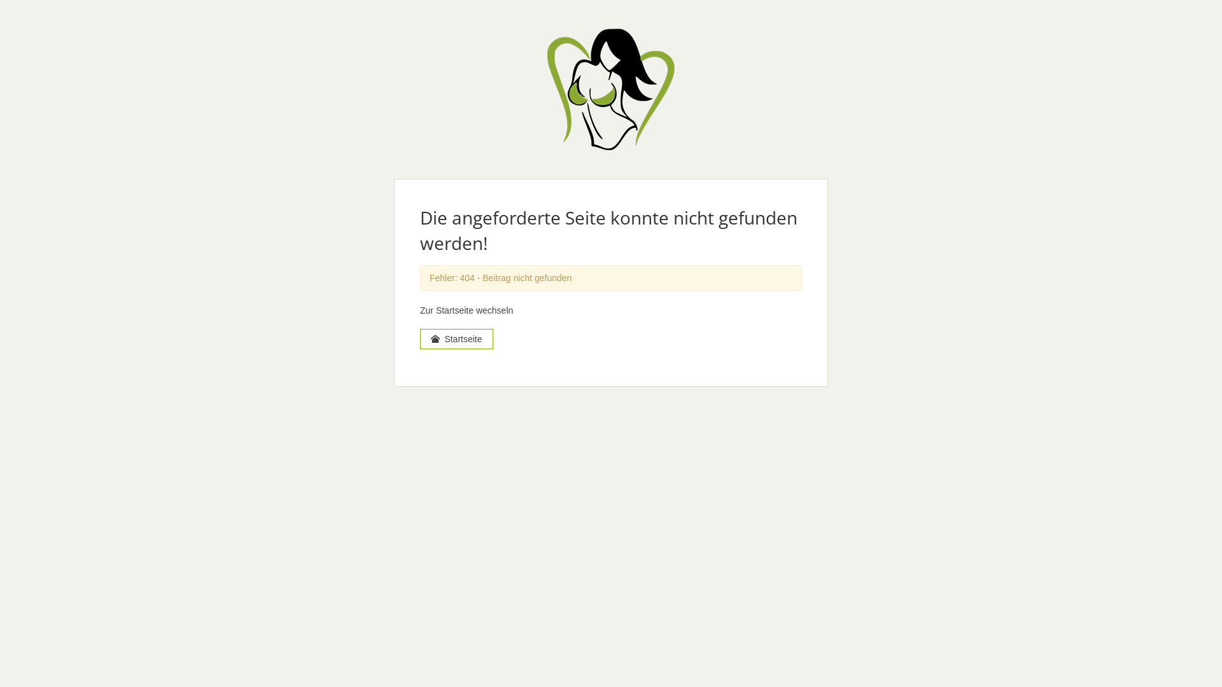  I want to click on 'Startseite', so click(456, 338).